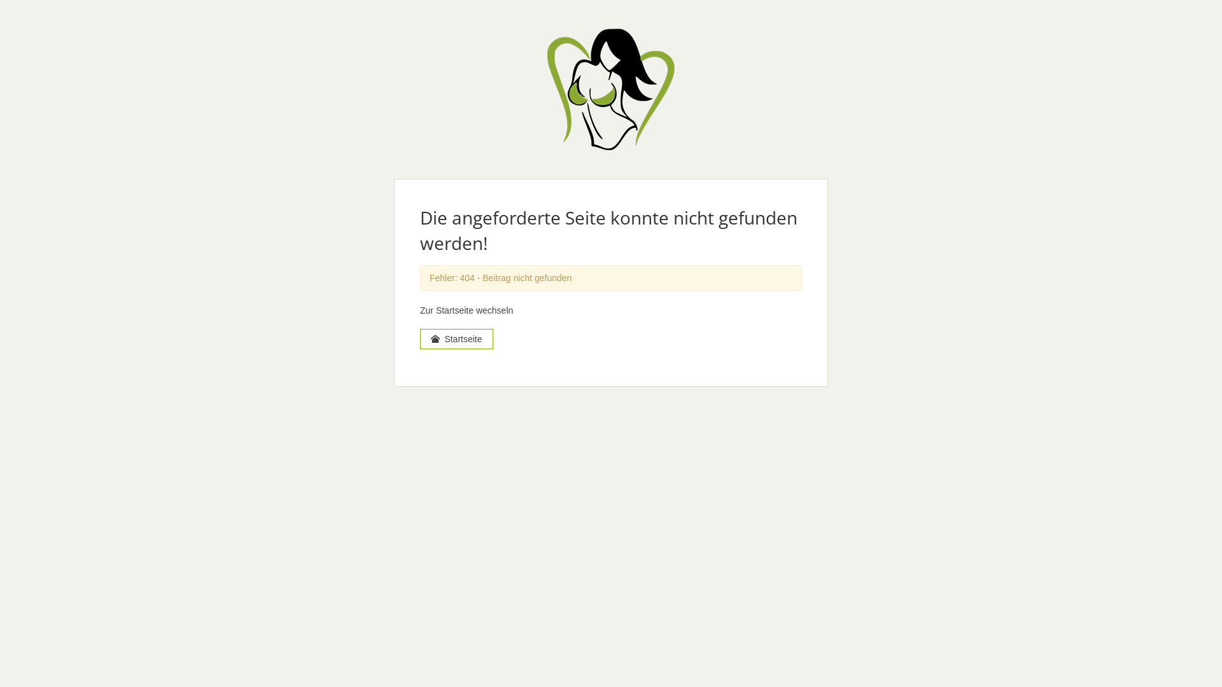  I want to click on 'Startseite', so click(456, 338).